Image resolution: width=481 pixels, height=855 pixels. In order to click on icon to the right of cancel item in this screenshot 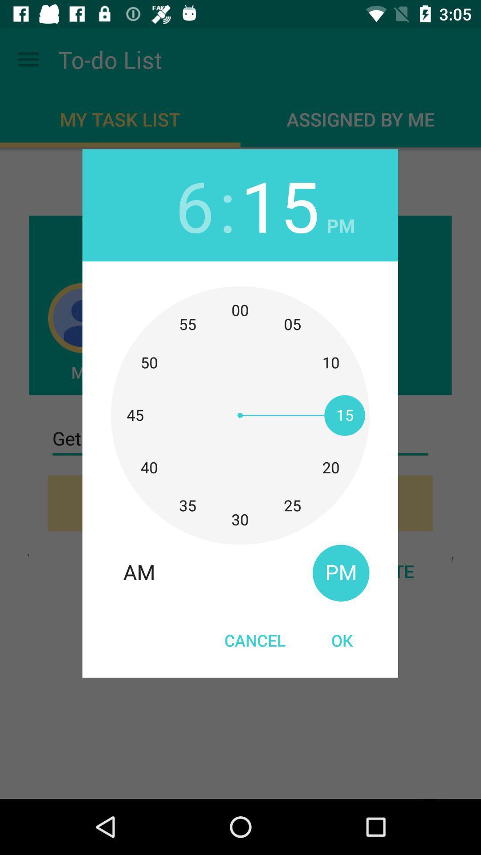, I will do `click(341, 639)`.